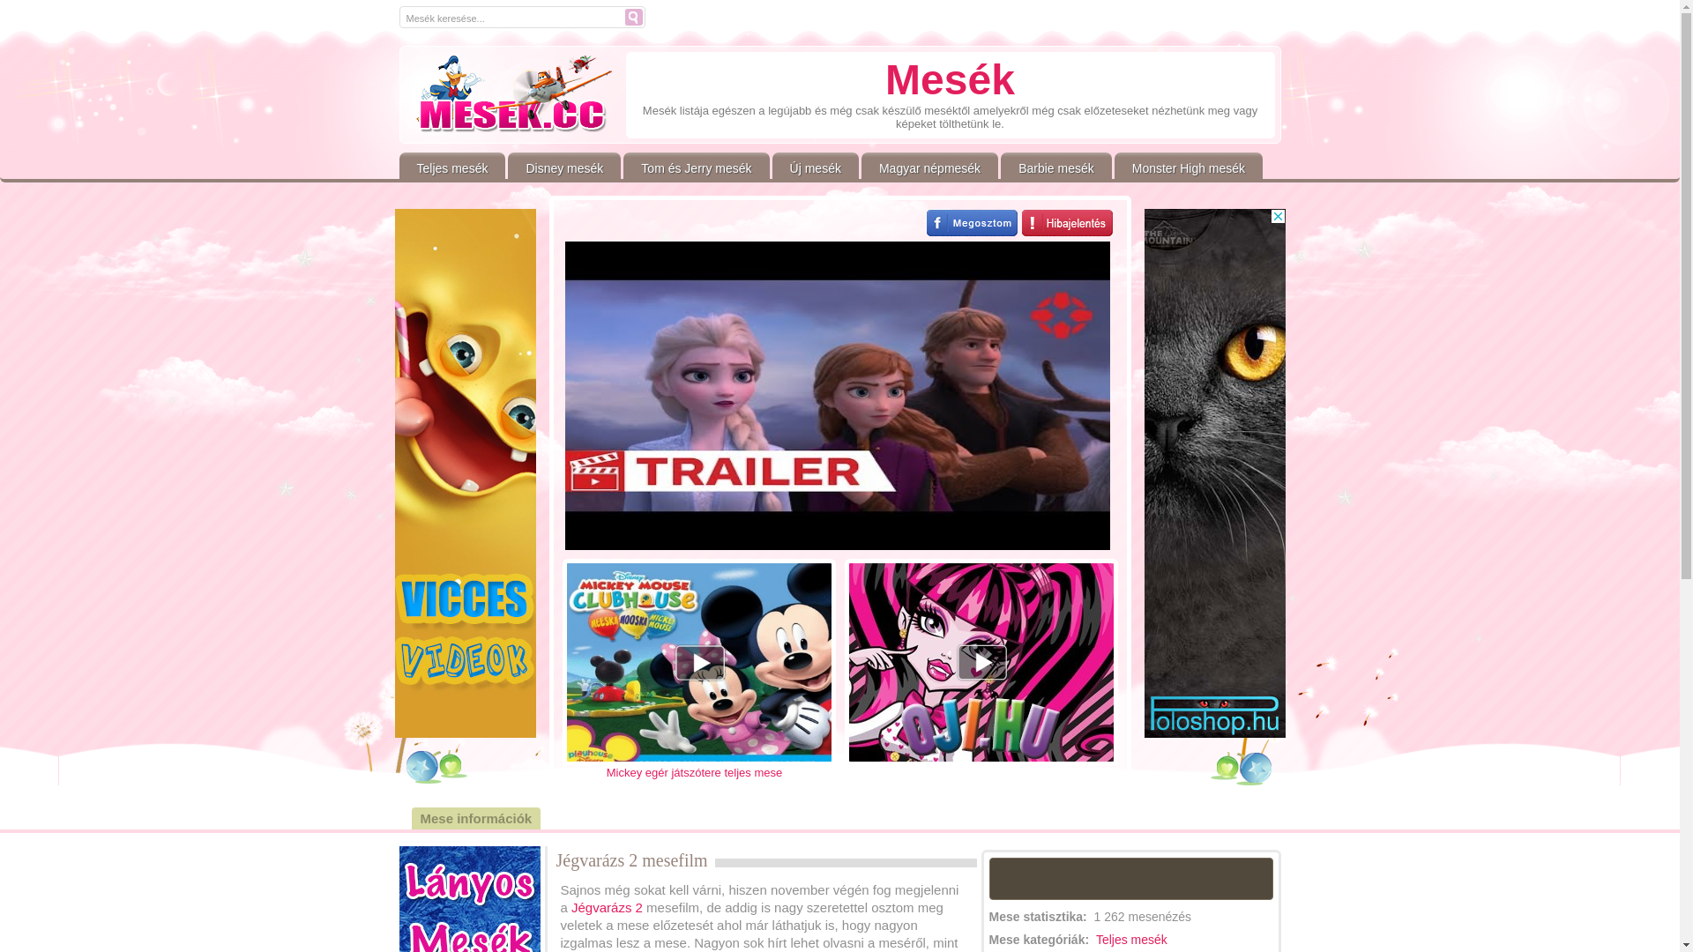  Describe the element at coordinates (1213, 472) in the screenshot. I see `'3rd party ad content'` at that location.